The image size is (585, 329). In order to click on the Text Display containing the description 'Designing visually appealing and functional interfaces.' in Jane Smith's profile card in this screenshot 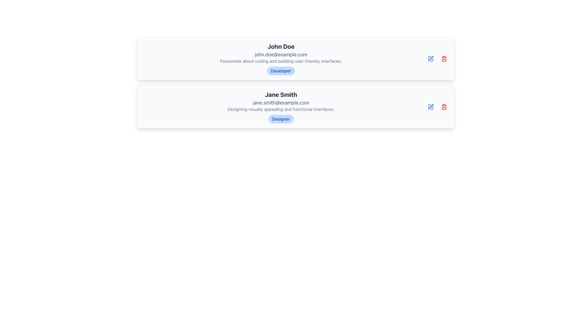, I will do `click(281, 109)`.